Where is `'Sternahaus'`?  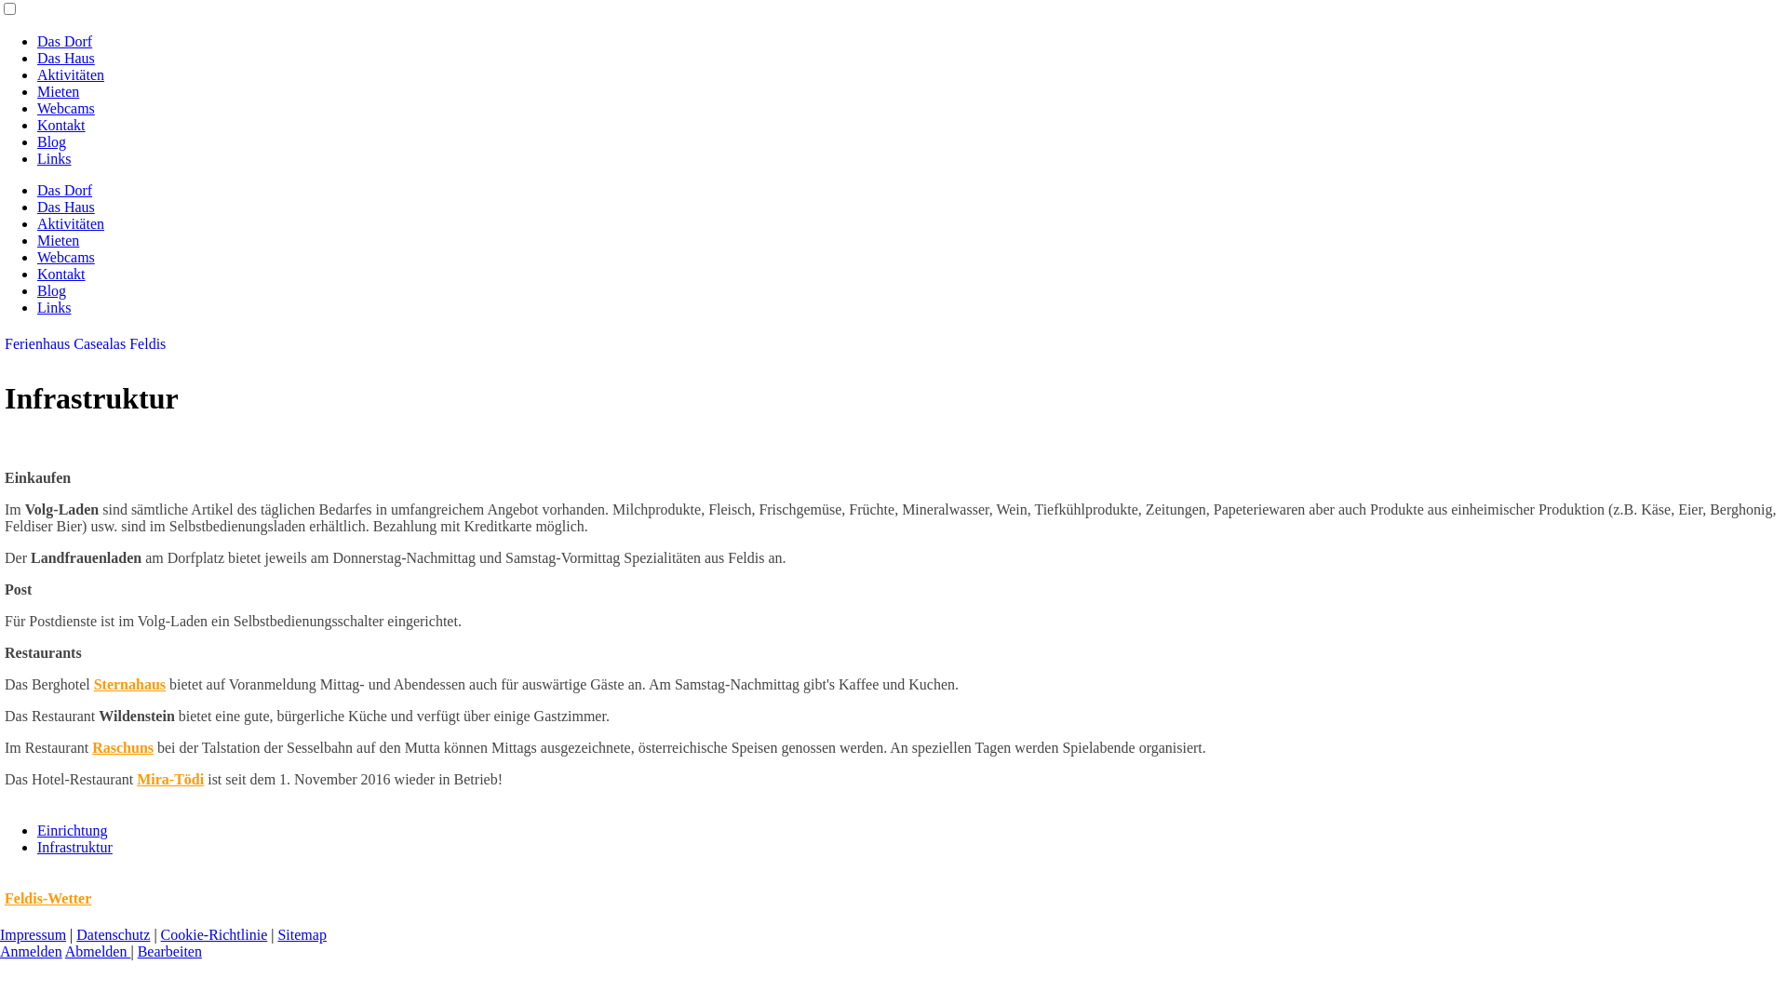 'Sternahaus' is located at coordinates (128, 684).